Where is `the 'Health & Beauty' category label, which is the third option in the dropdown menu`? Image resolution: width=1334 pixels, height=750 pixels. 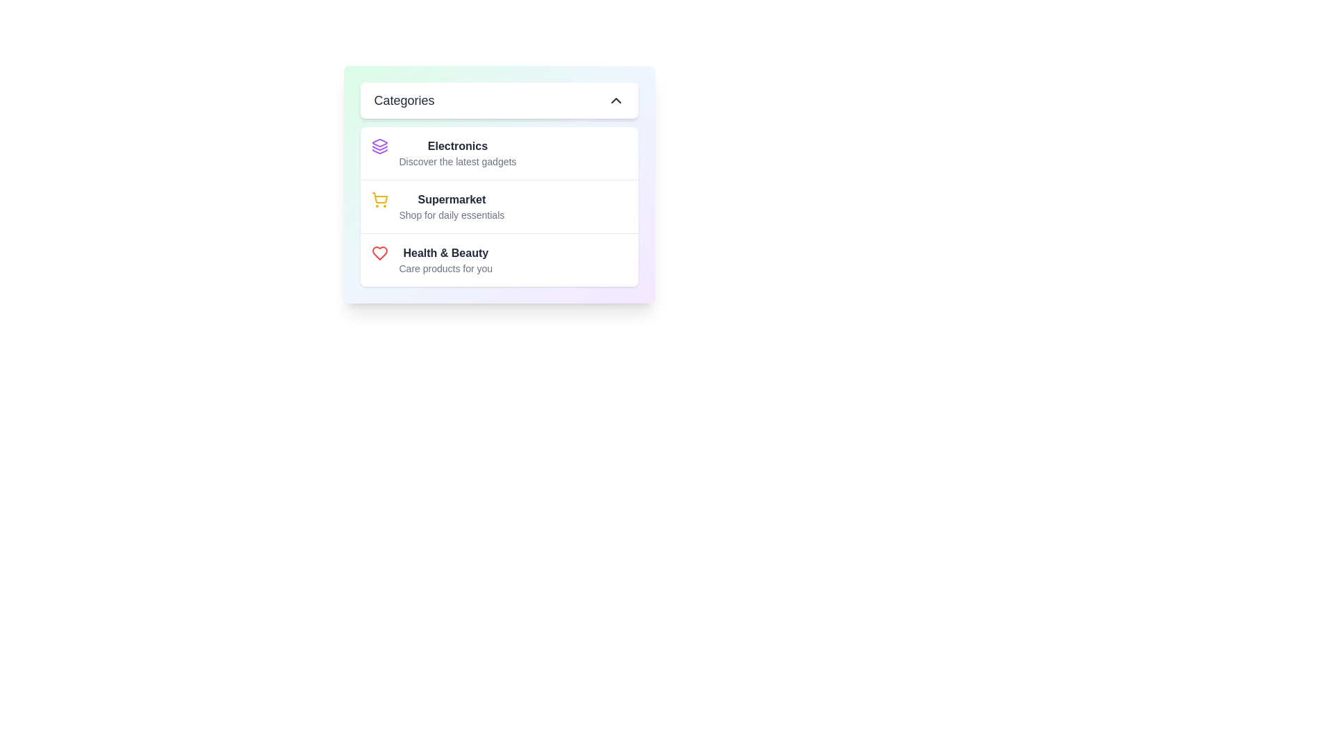 the 'Health & Beauty' category label, which is the third option in the dropdown menu is located at coordinates (445, 260).